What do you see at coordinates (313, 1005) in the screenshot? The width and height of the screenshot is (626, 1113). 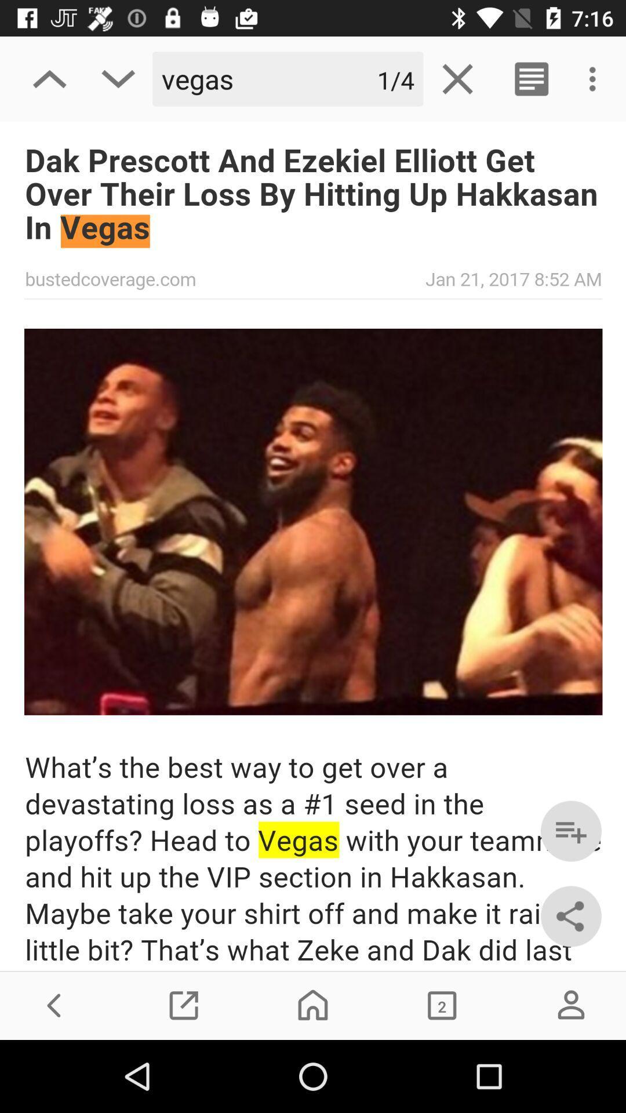 I see `the home icon` at bounding box center [313, 1005].